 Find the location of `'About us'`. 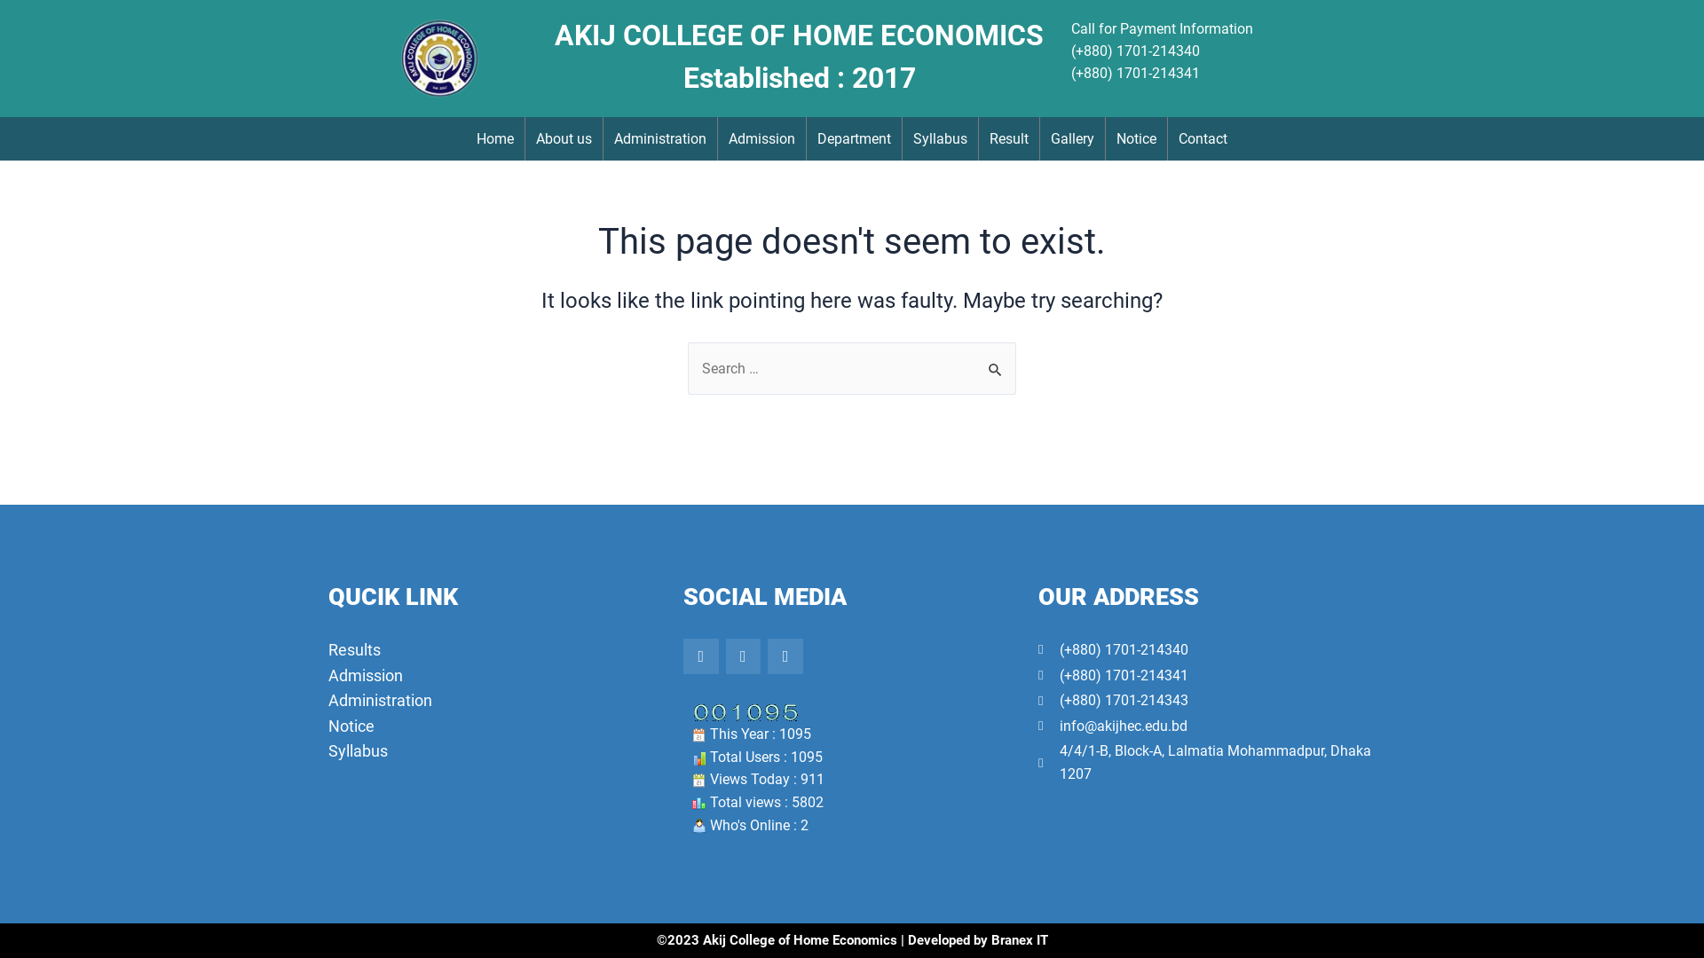

'About us' is located at coordinates (563, 137).